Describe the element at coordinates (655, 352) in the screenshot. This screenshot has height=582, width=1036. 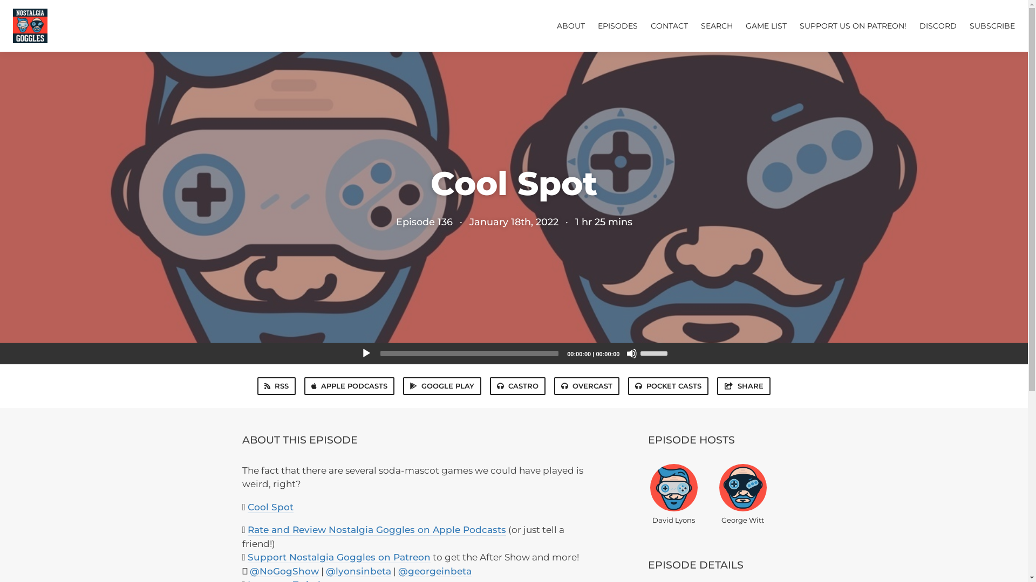
I see `'Use Up/Down Arrow keys to increase or decrease volume.'` at that location.